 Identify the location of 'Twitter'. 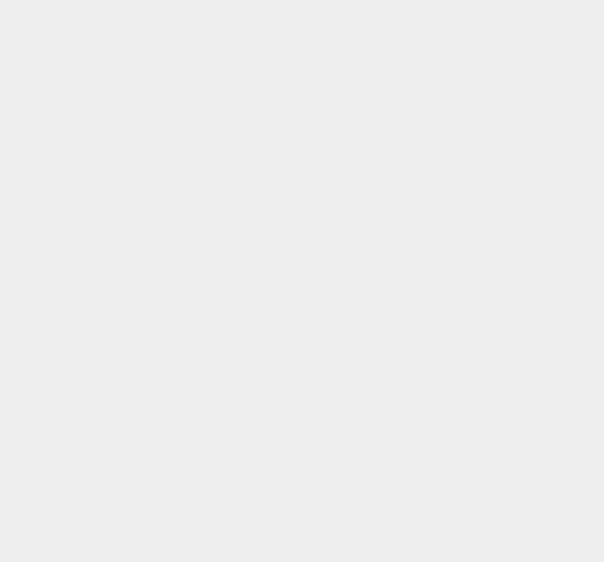
(438, 112).